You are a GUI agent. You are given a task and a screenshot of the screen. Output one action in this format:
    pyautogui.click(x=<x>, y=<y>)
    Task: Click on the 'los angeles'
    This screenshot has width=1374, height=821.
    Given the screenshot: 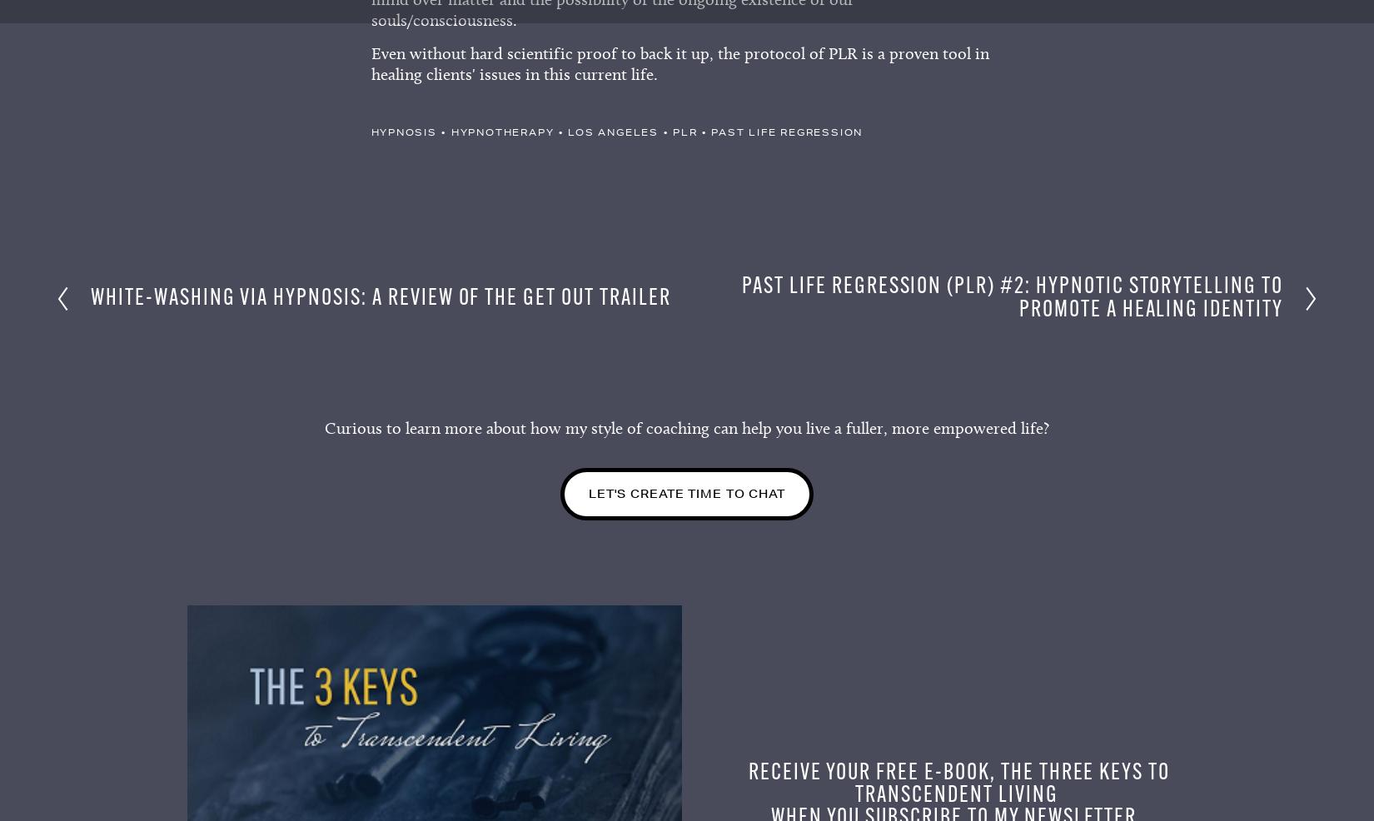 What is the action you would take?
    pyautogui.click(x=612, y=137)
    